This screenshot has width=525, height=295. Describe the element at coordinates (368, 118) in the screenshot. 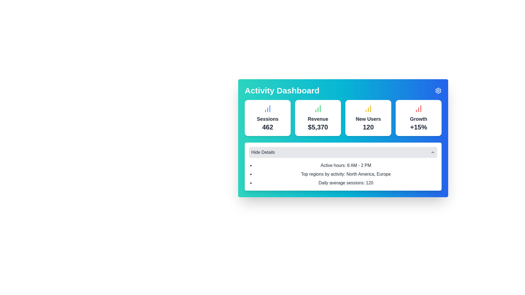

I see `the 'New Users' static information card which displays the text in bold and a large number, located in the Activity Dashboard grid layout` at that location.